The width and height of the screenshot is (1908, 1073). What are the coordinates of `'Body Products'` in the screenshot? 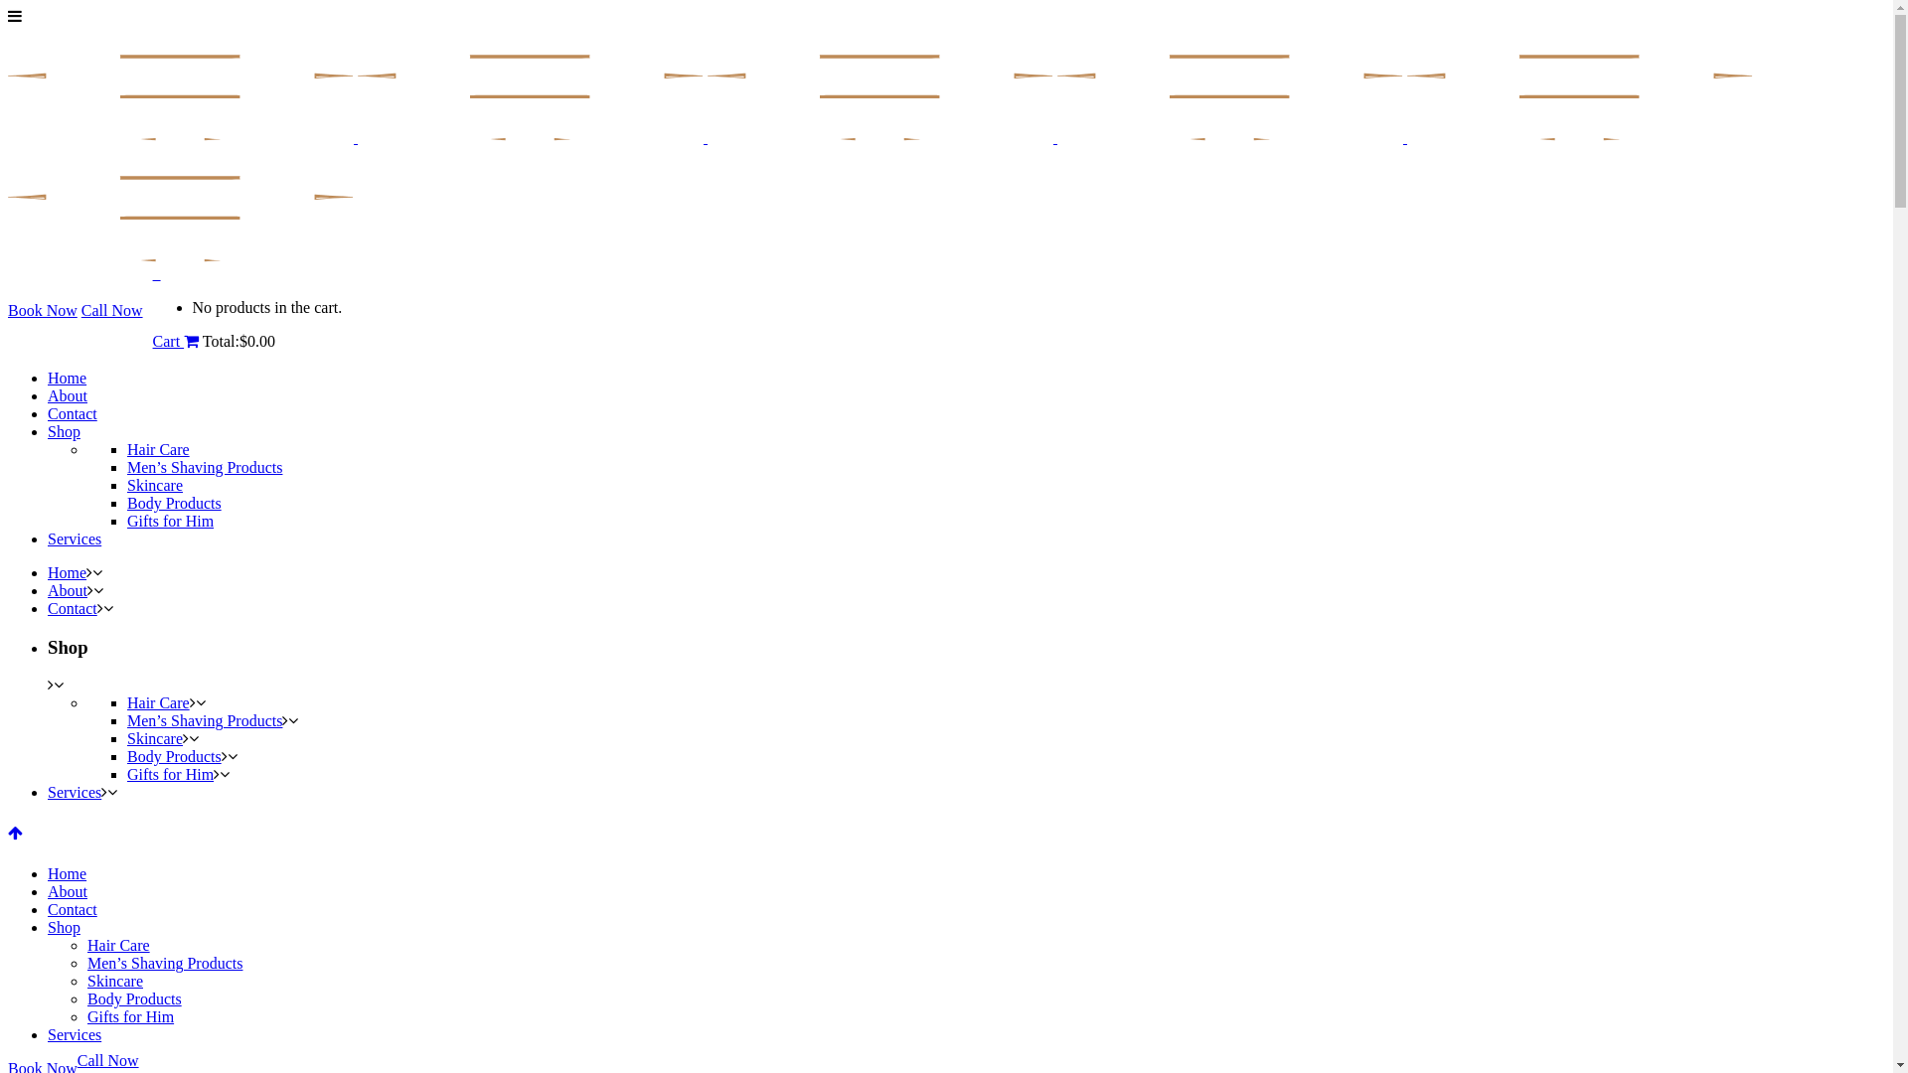 It's located at (174, 502).